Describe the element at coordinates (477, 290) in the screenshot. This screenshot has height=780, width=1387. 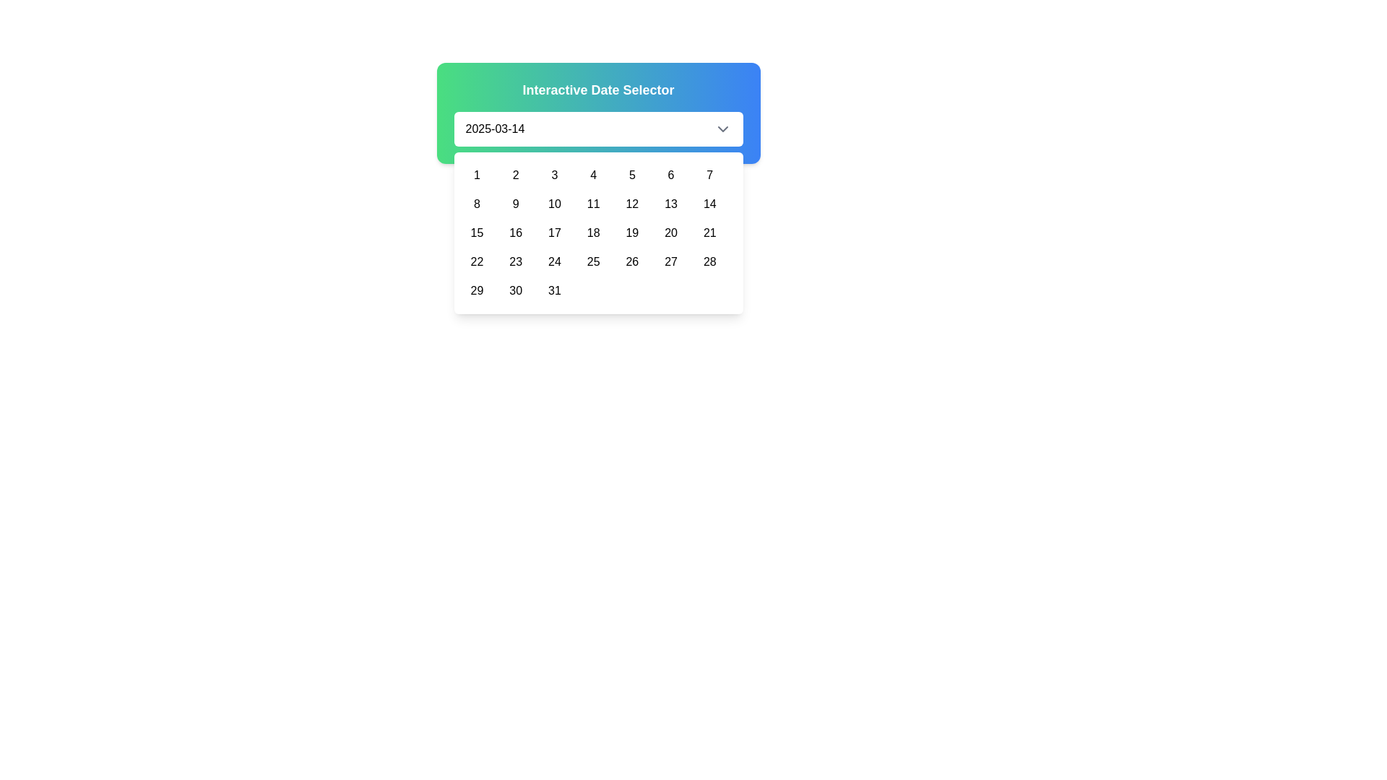
I see `the square-shaped button with rounded appearance that contains the text '29', located in the first column of the last row in the date grid of the calendar` at that location.